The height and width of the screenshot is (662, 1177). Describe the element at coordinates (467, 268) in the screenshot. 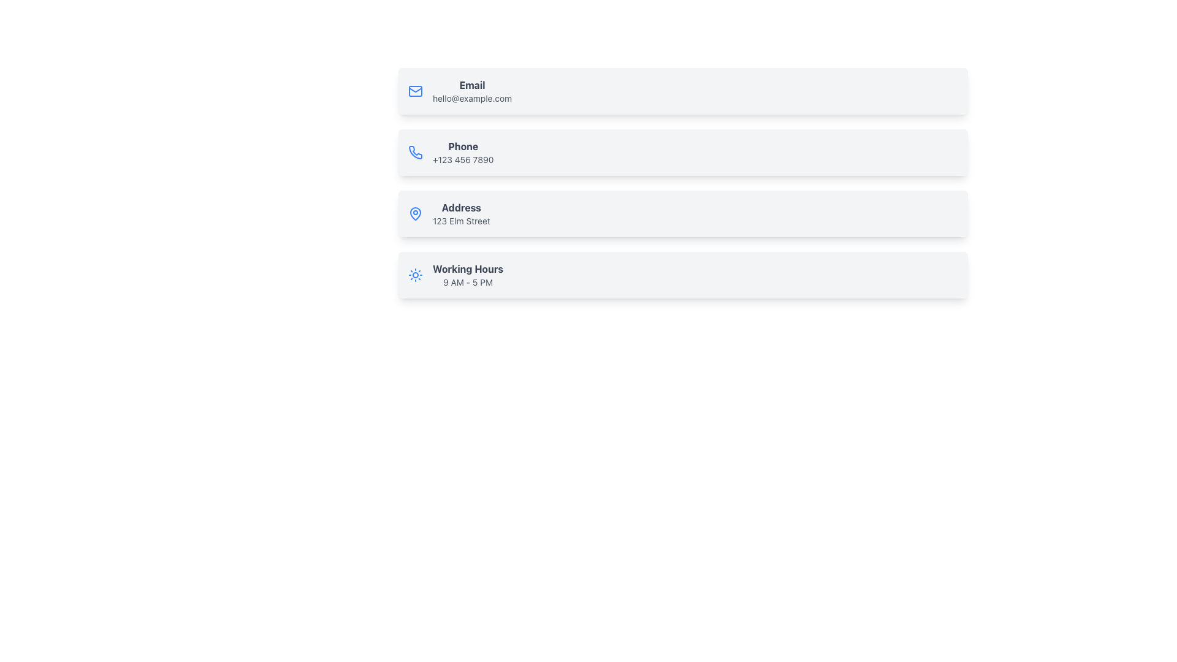

I see `the Text Label that serves as a heading for the working hours information, located at the bottommost section of the vertically stacked list, positioned above '9 AM - 5 PM'` at that location.